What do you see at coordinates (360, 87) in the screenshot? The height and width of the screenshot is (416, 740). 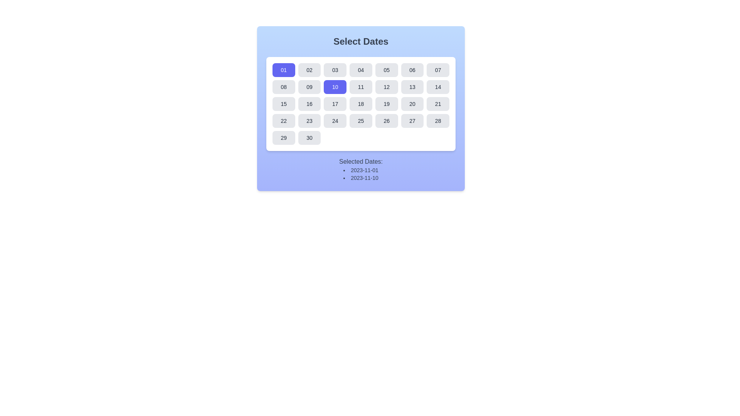 I see `the button labeled '11' in the date selection calendar` at bounding box center [360, 87].